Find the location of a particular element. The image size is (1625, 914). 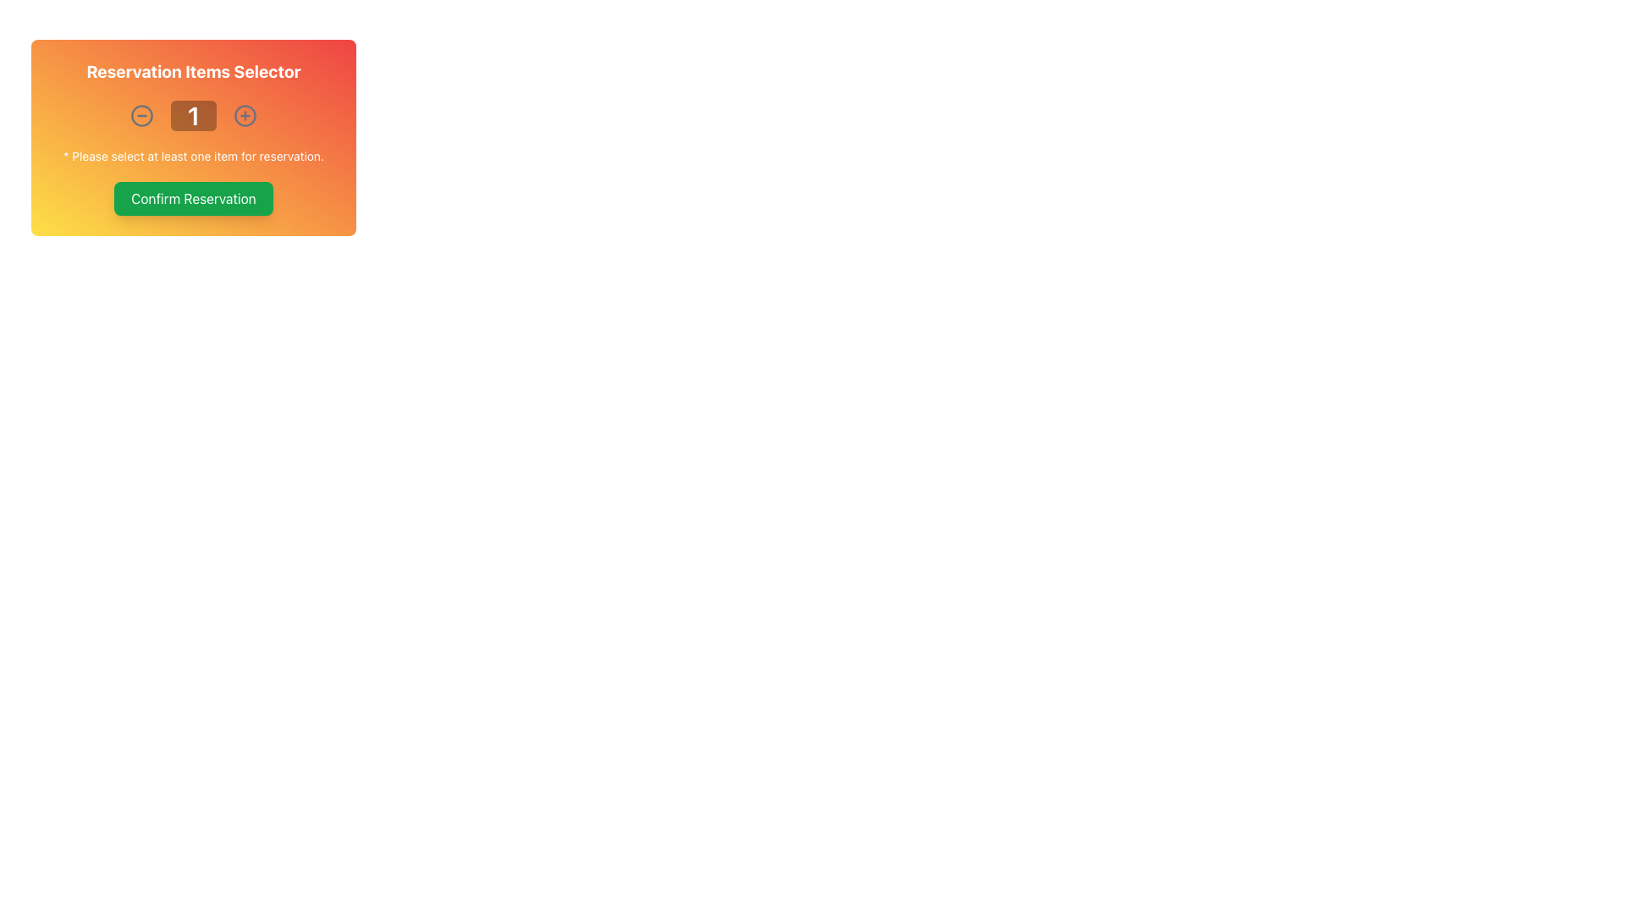

the text label indicating the current quantity in the reservation system's quantity selector, located between the decrement and increment buttons is located at coordinates (194, 115).